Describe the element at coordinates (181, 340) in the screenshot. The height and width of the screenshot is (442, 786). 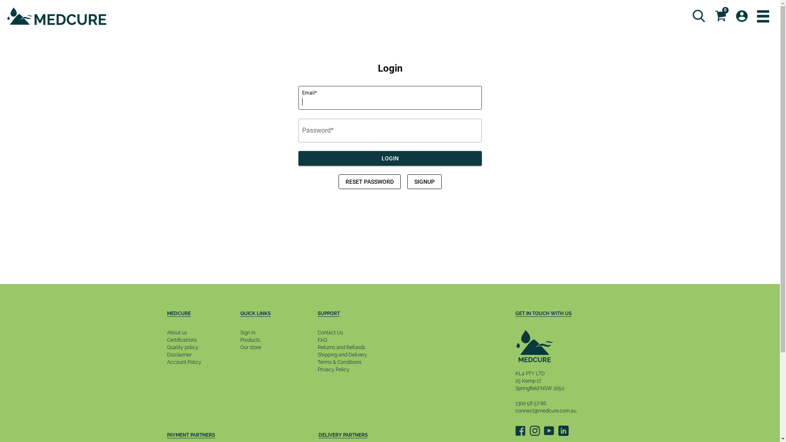
I see `'Certifications'` at that location.